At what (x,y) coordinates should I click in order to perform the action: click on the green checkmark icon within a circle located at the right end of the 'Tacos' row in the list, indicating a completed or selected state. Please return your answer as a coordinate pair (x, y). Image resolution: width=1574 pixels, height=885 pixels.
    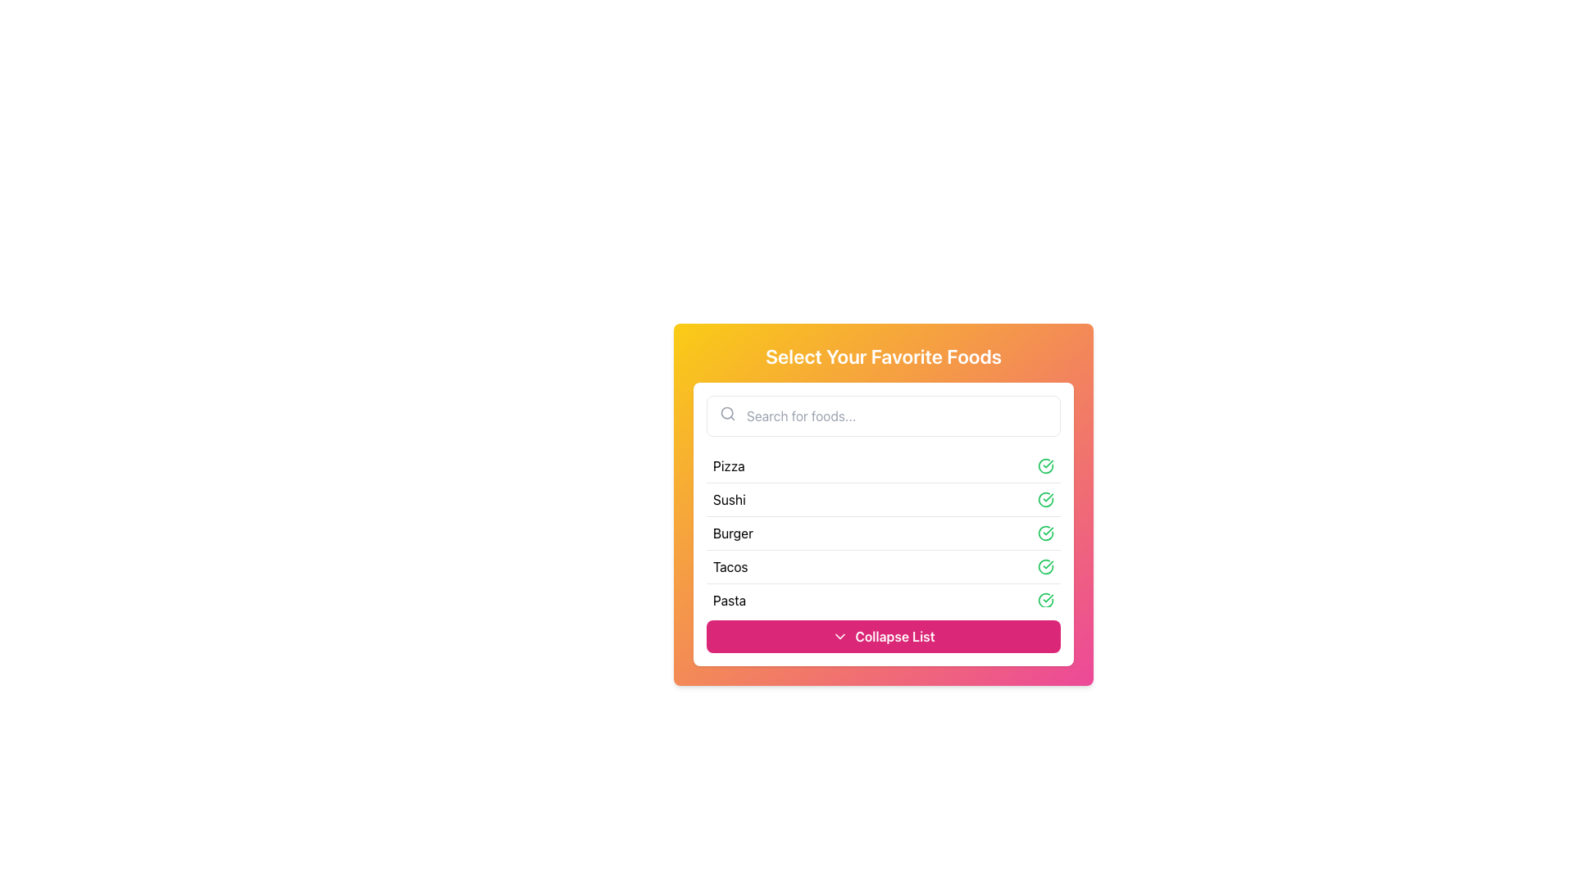
    Looking at the image, I should click on (1045, 565).